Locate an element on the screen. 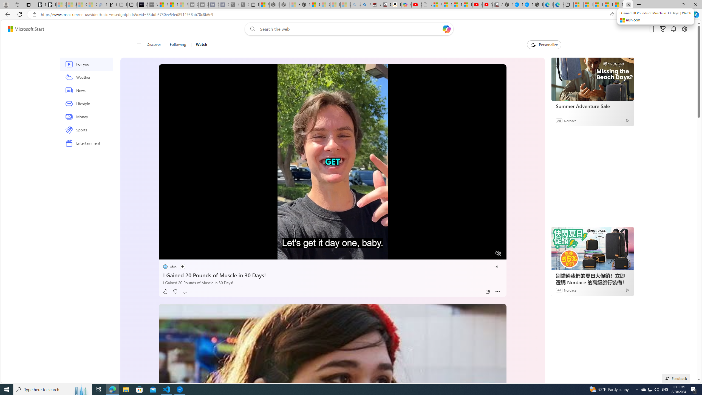  'Microsoft account | Privacy' is located at coordinates (608, 4).